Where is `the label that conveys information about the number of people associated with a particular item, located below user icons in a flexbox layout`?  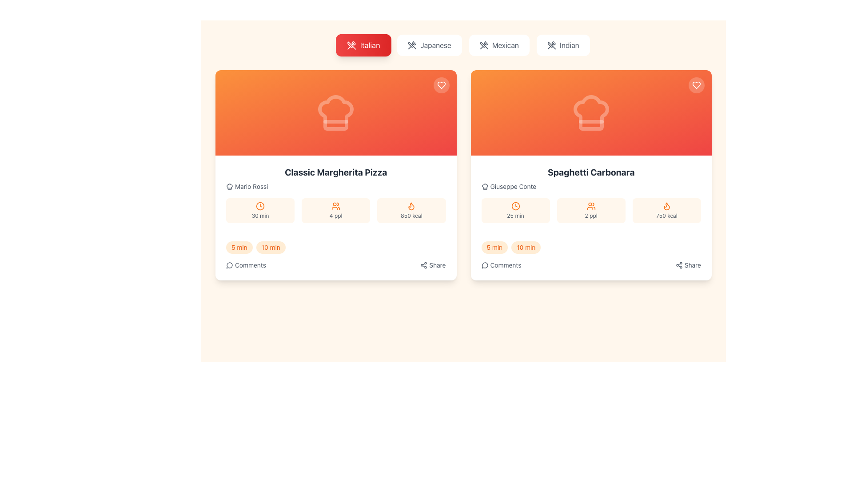 the label that conveys information about the number of people associated with a particular item, located below user icons in a flexbox layout is located at coordinates (591, 216).